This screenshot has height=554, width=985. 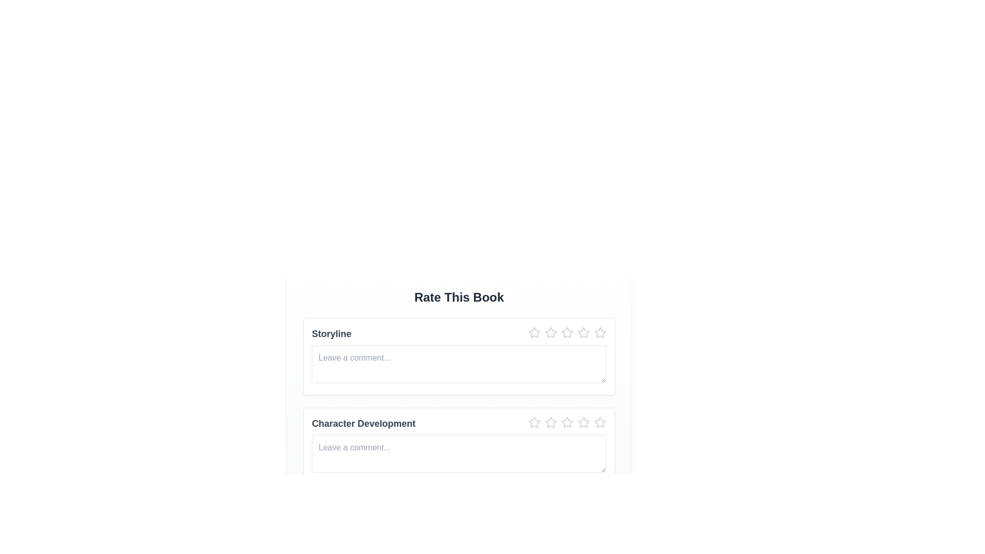 I want to click on the Static Text Label reading 'Character Development', which is styled in bold dark gray and positioned above a comment box and below 'Storyline', so click(x=364, y=423).